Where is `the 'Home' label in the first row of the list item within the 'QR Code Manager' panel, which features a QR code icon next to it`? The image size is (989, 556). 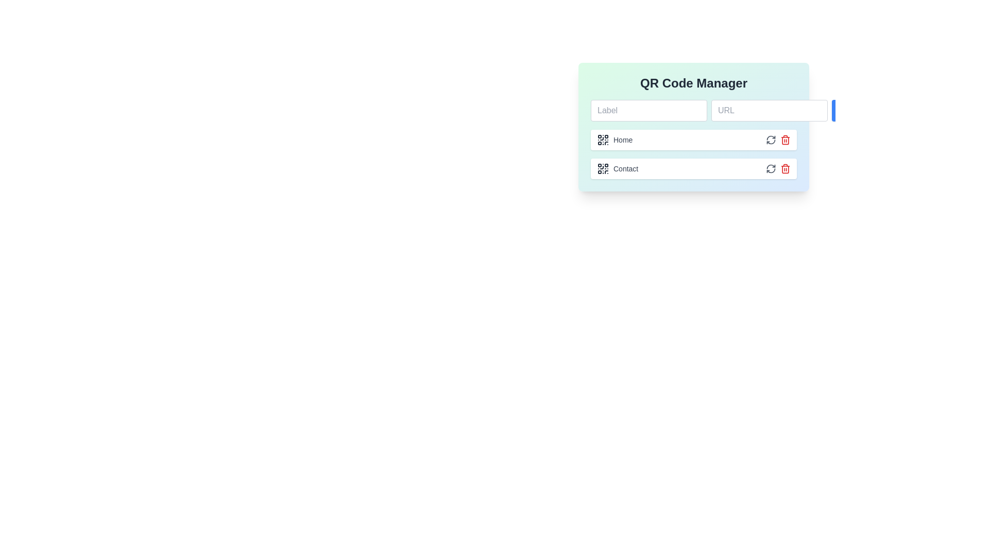 the 'Home' label in the first row of the list item within the 'QR Code Manager' panel, which features a QR code icon next to it is located at coordinates (615, 140).